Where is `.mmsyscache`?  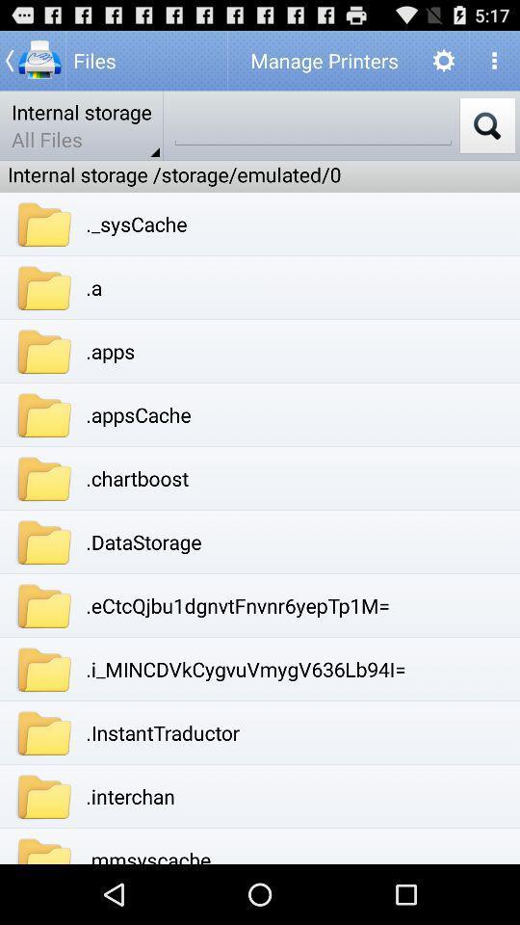
.mmsyscache is located at coordinates (147, 854).